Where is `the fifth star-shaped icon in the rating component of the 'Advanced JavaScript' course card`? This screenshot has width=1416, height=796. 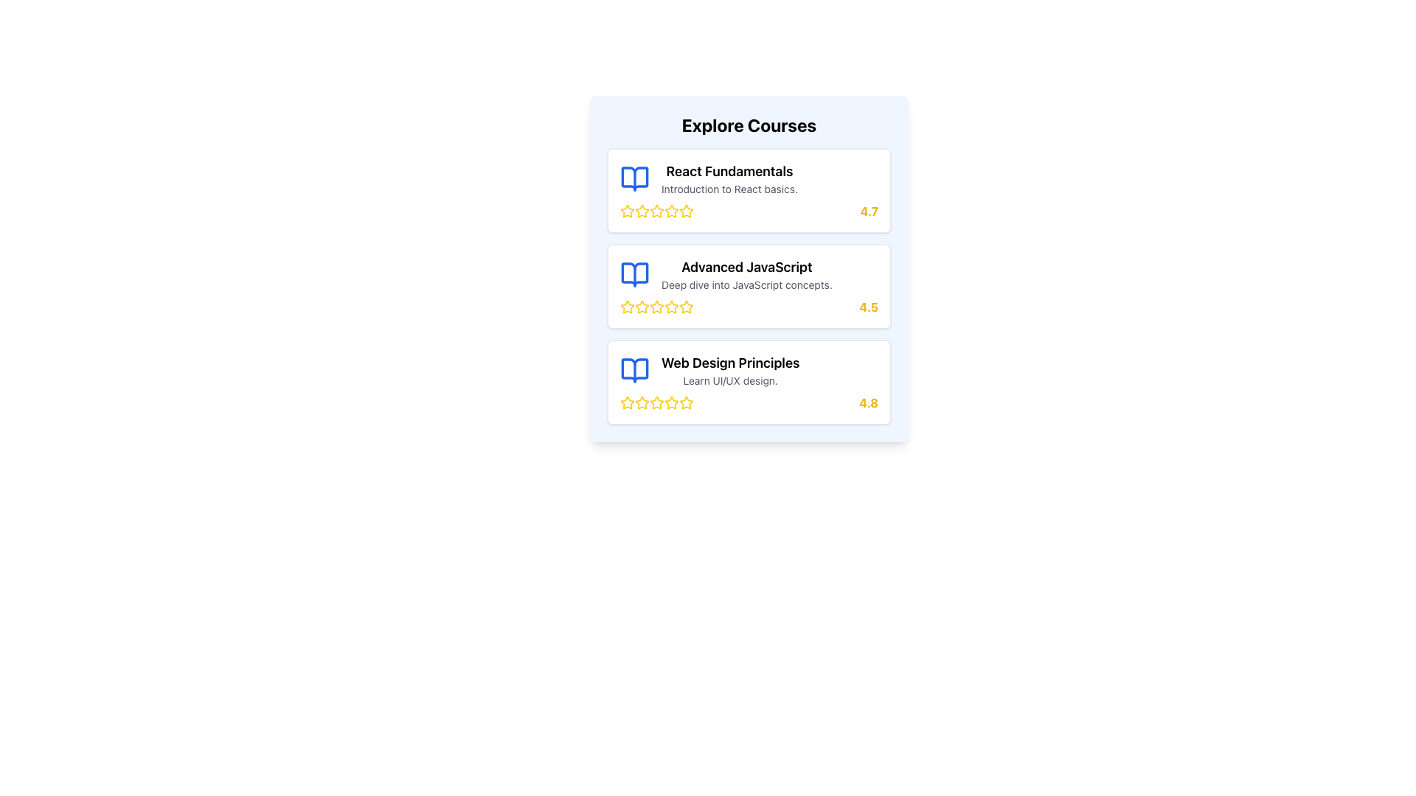
the fifth star-shaped icon in the rating component of the 'Advanced JavaScript' course card is located at coordinates (656, 306).